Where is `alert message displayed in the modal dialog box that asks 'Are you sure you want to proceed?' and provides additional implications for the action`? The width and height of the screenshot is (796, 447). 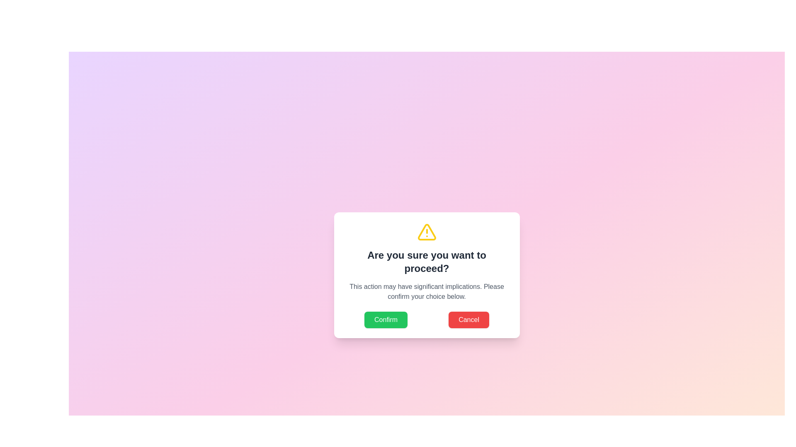
alert message displayed in the modal dialog box that asks 'Are you sure you want to proceed?' and provides additional implications for the action is located at coordinates (427, 275).